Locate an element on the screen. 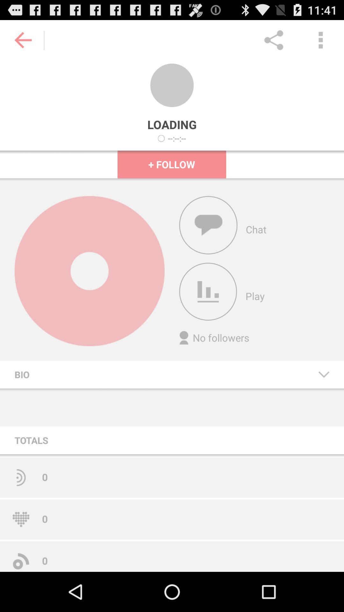 The width and height of the screenshot is (344, 612). the icon to the left of the play app is located at coordinates (208, 291).